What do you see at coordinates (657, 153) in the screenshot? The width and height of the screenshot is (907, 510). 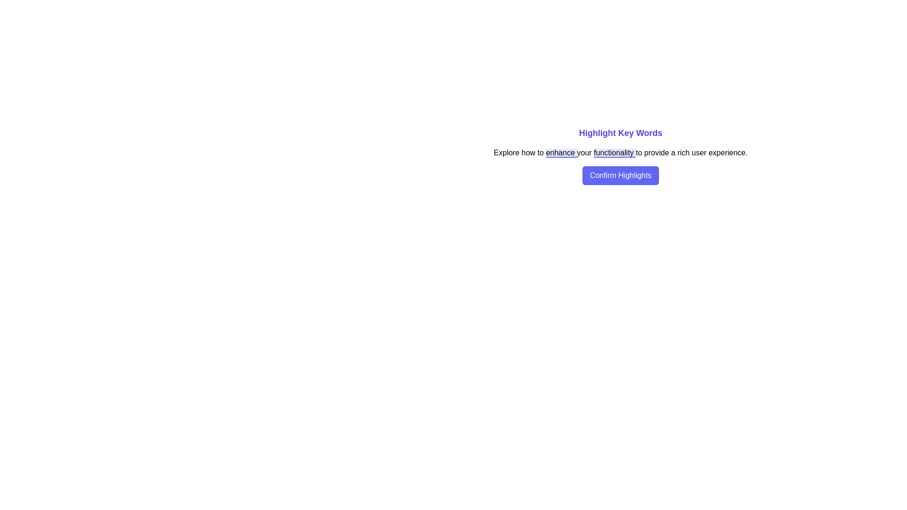 I see `non-interactive text label displaying the word 'provide', which is part of the sentence 'Explore how to enhance your functionality to provide a rich user experience.'` at bounding box center [657, 153].